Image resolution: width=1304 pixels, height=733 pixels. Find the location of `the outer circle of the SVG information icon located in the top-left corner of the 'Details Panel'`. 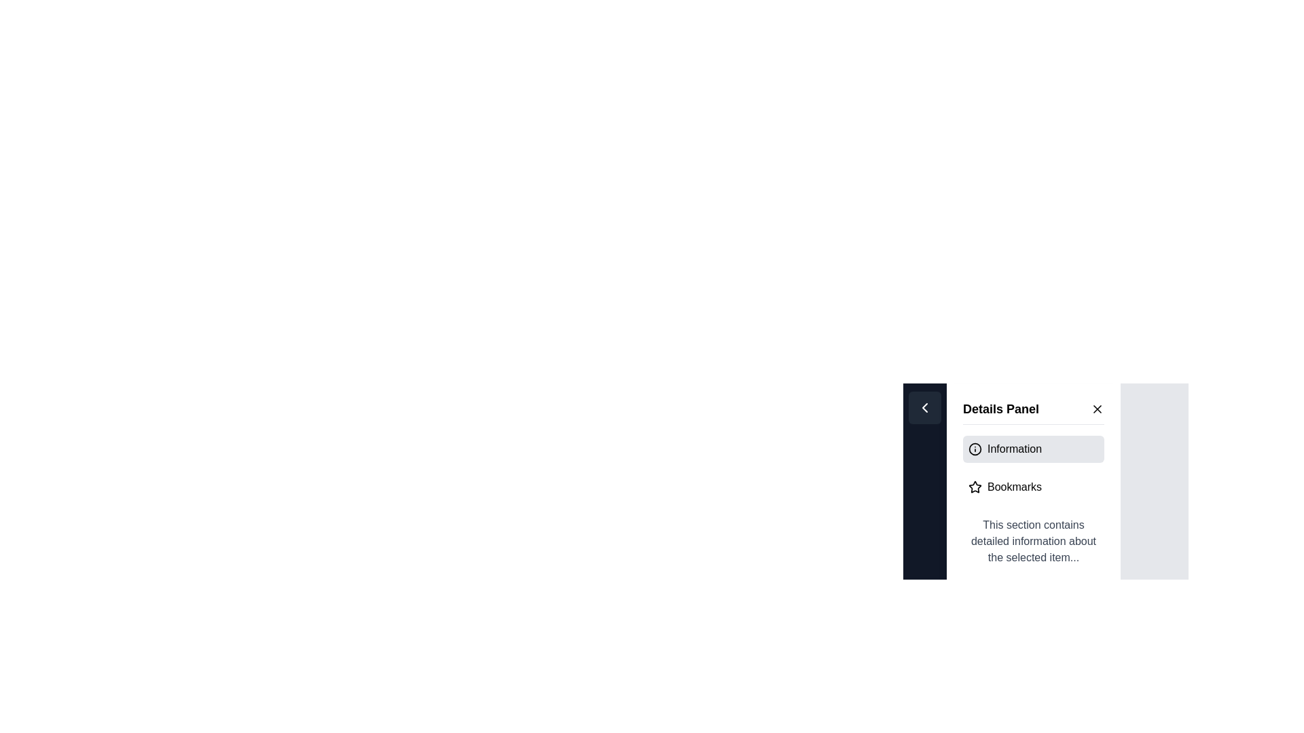

the outer circle of the SVG information icon located in the top-left corner of the 'Details Panel' is located at coordinates (974, 449).